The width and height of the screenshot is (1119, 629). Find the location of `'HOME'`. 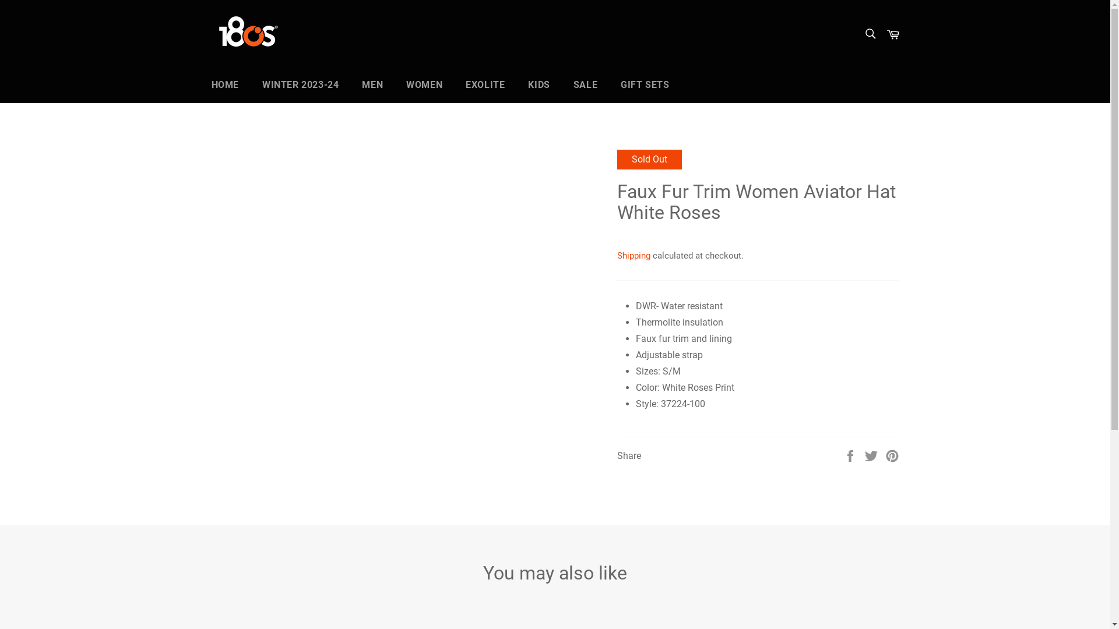

'HOME' is located at coordinates (230, 84).